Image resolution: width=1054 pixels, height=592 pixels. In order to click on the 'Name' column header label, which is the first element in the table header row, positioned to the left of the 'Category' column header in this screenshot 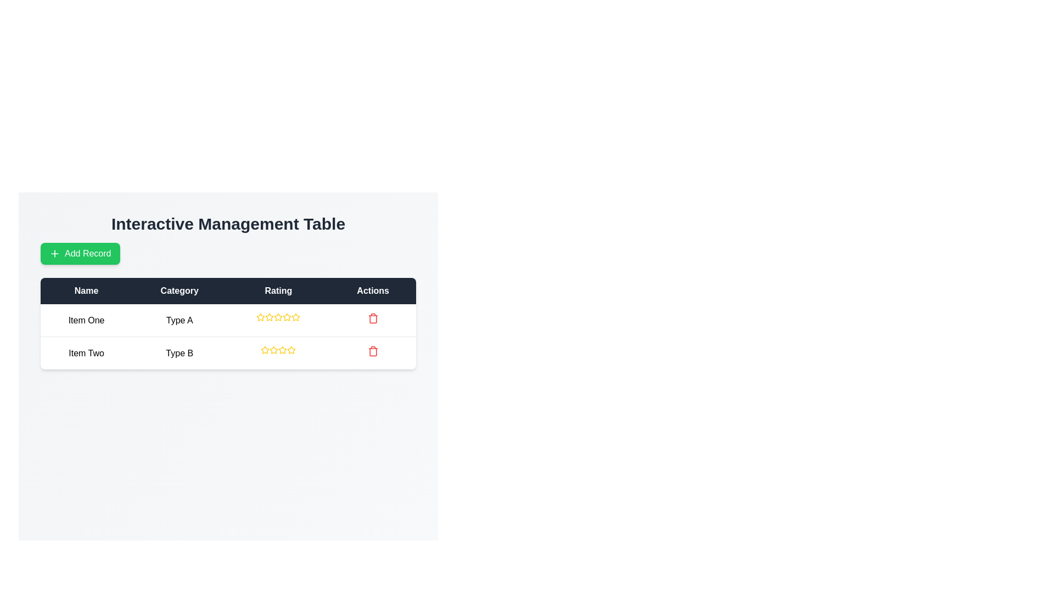, I will do `click(86, 291)`.